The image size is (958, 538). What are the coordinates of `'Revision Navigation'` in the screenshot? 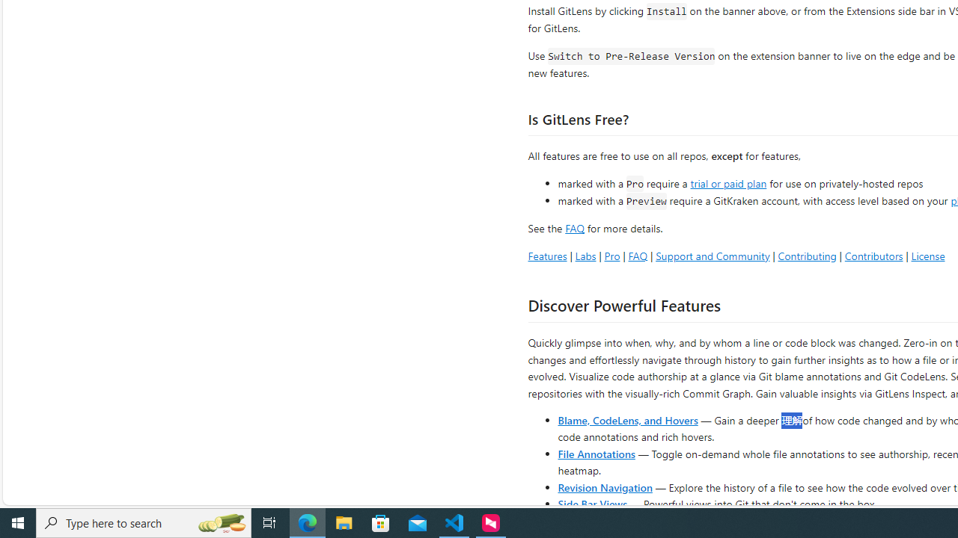 It's located at (605, 486).